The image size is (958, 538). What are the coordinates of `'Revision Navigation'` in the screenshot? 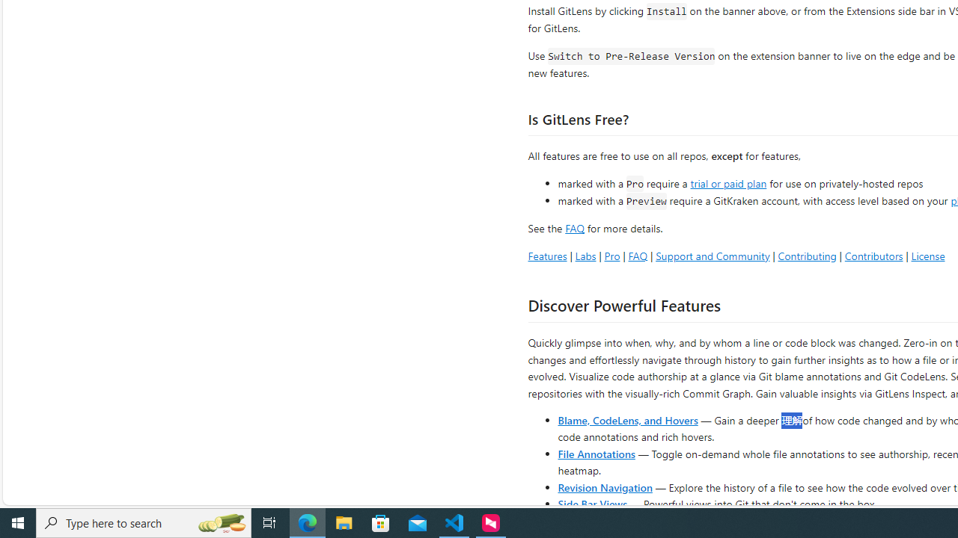 It's located at (605, 486).